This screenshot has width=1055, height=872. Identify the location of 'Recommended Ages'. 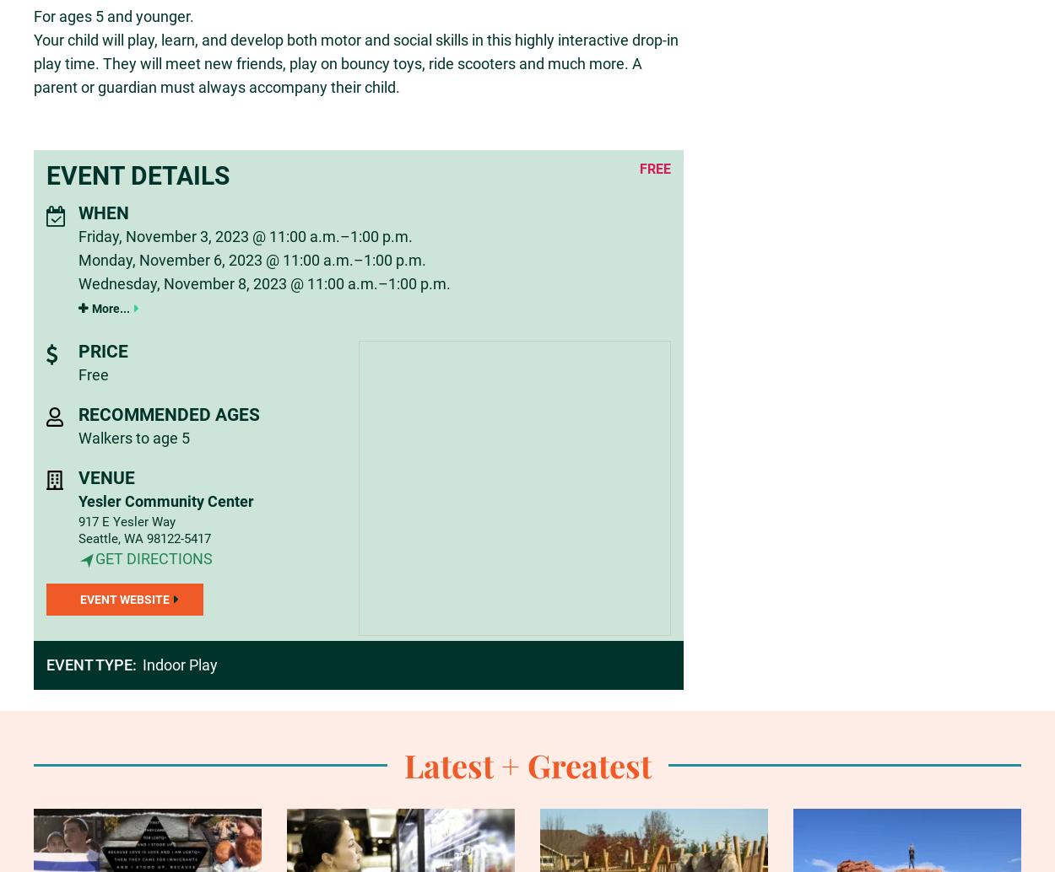
(167, 413).